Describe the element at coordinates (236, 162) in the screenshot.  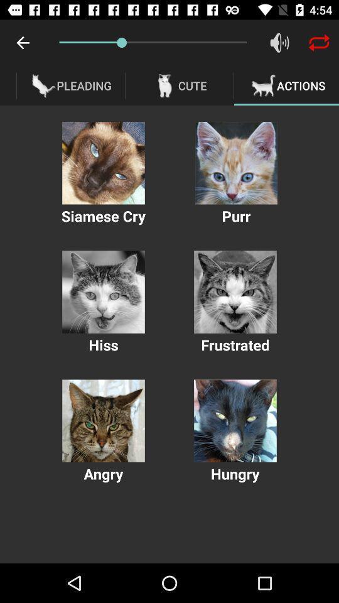
I see `purr` at that location.